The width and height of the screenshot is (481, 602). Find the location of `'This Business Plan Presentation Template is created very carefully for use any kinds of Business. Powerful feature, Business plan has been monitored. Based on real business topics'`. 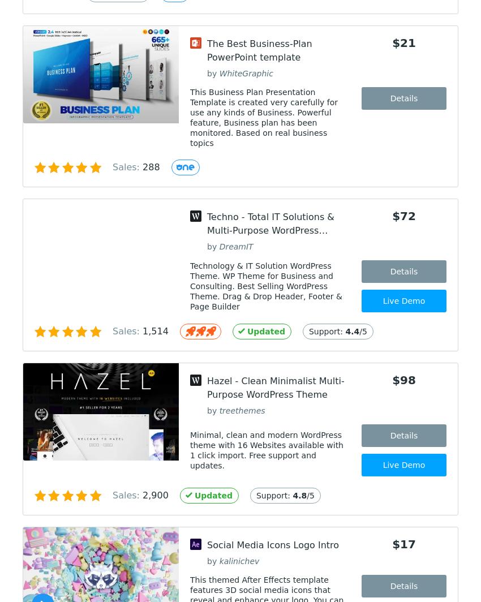

'This Business Plan Presentation Template is created very carefully for use any kinds of Business. Powerful feature, Business plan has been monitored. Based on real business topics' is located at coordinates (190, 118).